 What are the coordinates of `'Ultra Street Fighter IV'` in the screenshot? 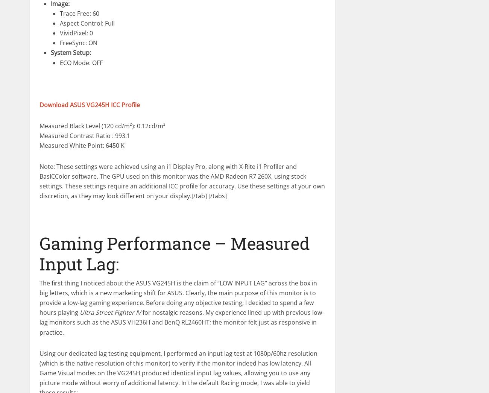 It's located at (110, 312).